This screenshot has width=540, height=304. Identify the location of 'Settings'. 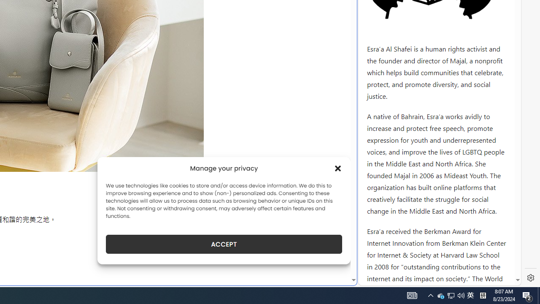
(530, 278).